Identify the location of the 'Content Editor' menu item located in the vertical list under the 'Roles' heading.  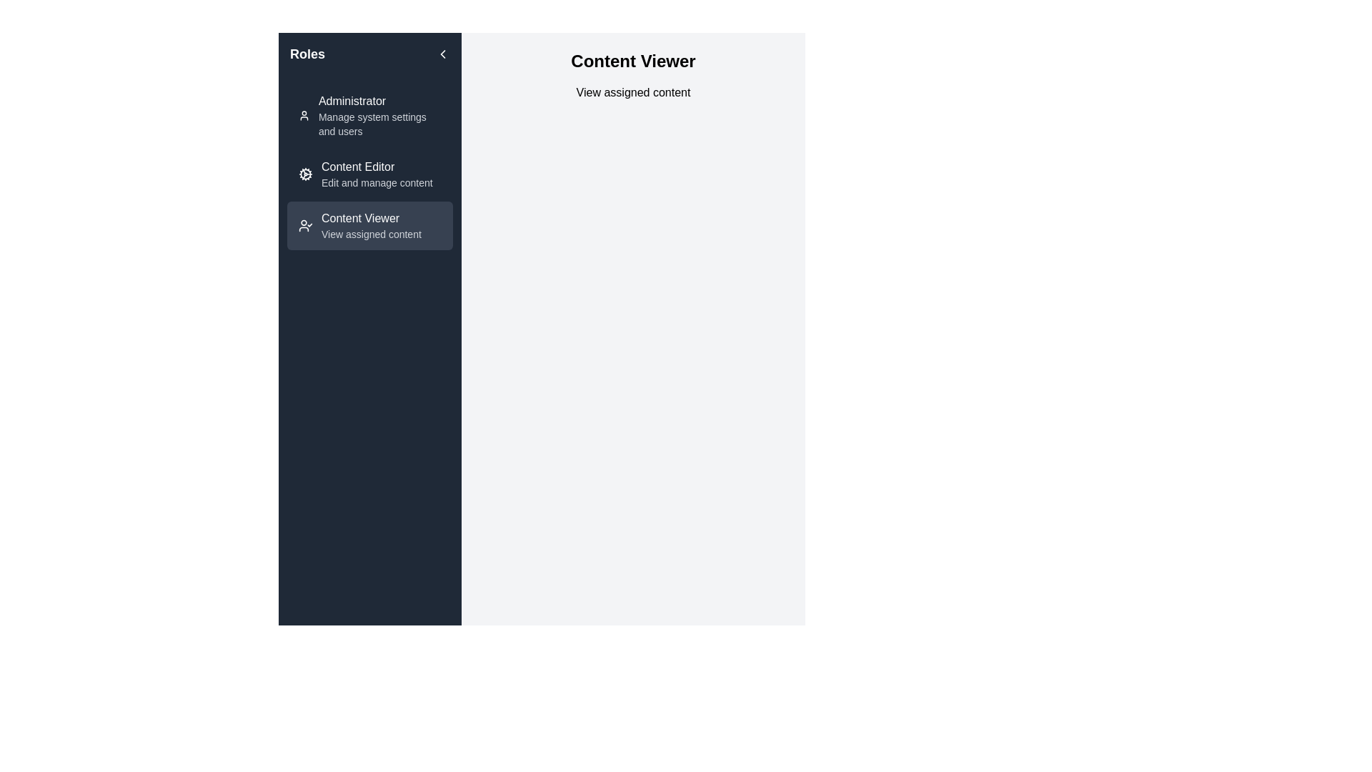
(370, 167).